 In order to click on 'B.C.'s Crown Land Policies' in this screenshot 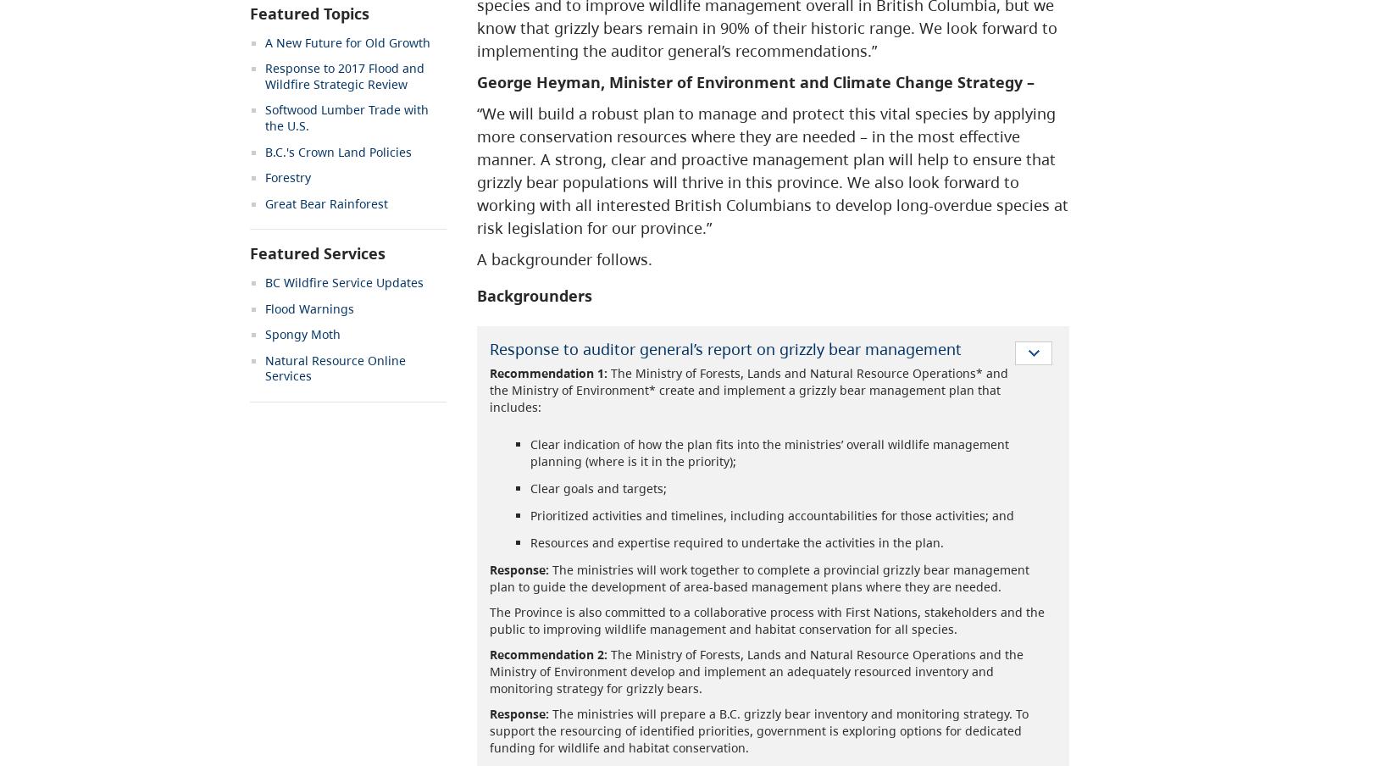, I will do `click(338, 151)`.